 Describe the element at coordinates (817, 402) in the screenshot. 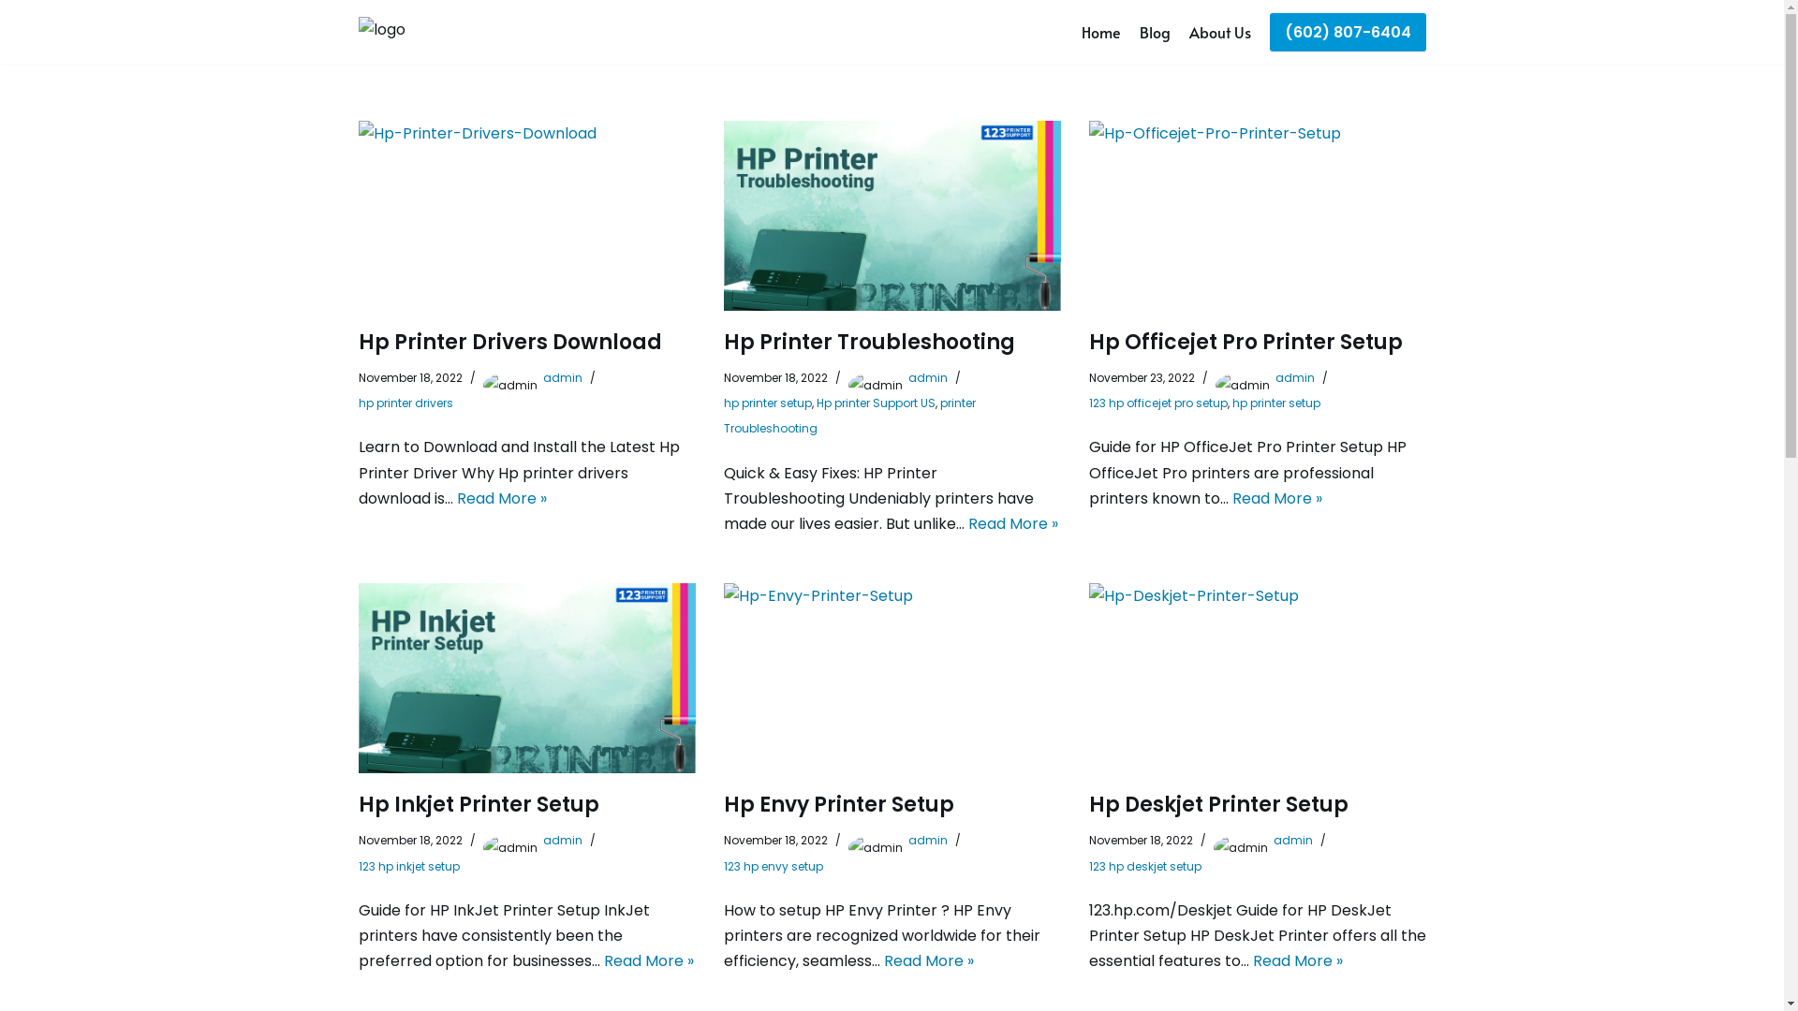

I see `'Hp printer Support US'` at that location.